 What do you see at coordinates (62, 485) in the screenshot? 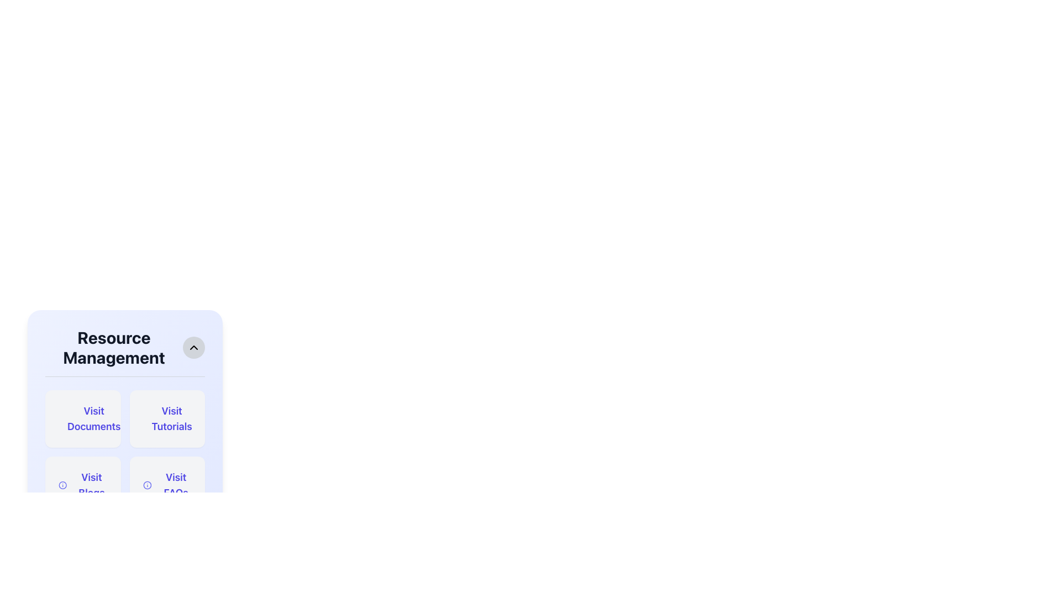
I see `the blue outlined circular icon with an 'i' symbol located to the left of the 'Visit Blogs' text link` at bounding box center [62, 485].